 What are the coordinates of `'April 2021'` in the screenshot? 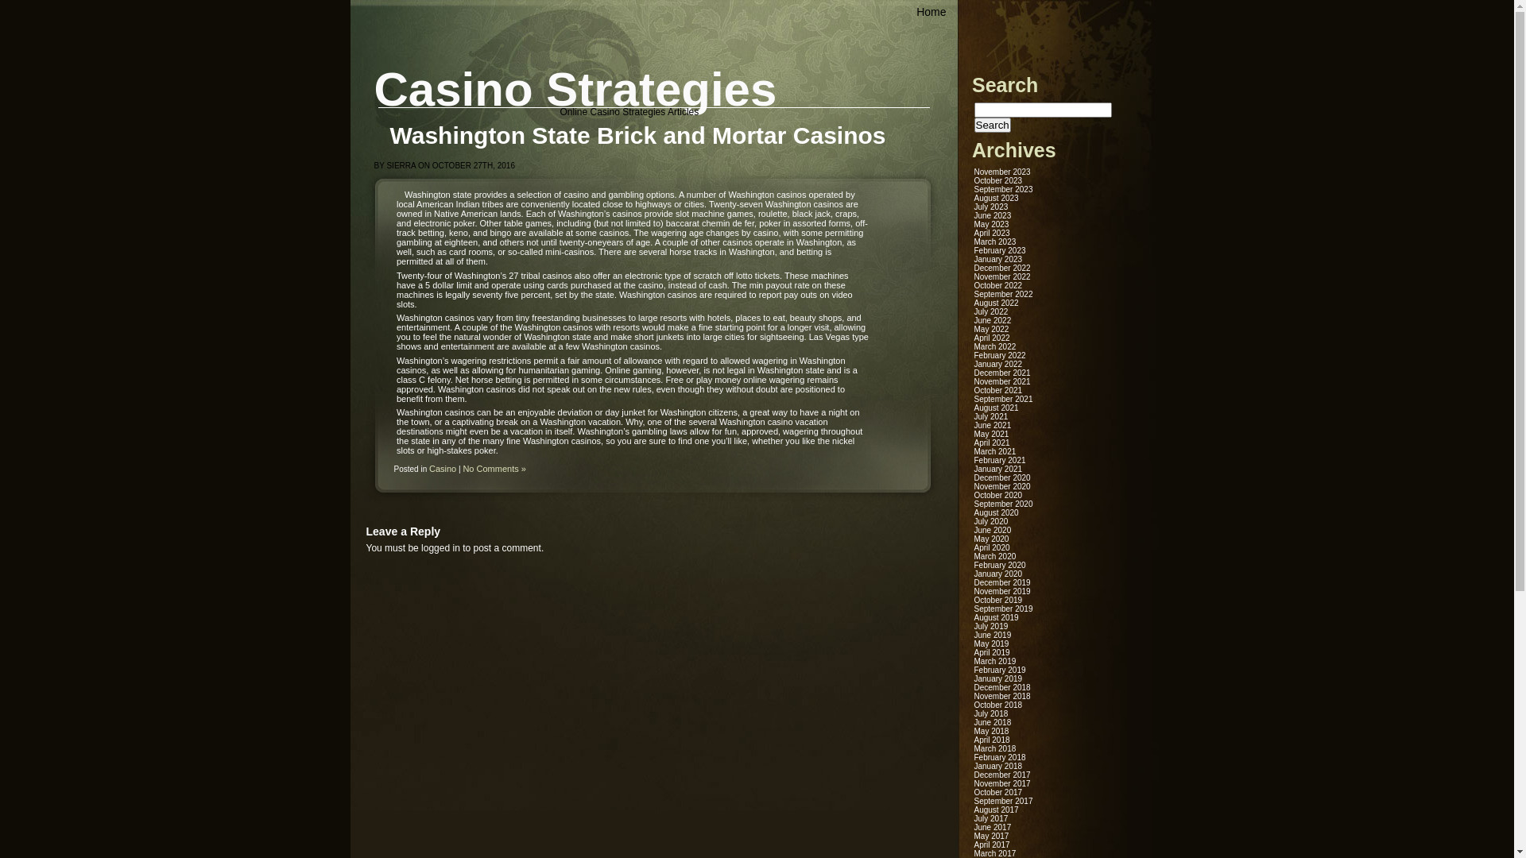 It's located at (991, 443).